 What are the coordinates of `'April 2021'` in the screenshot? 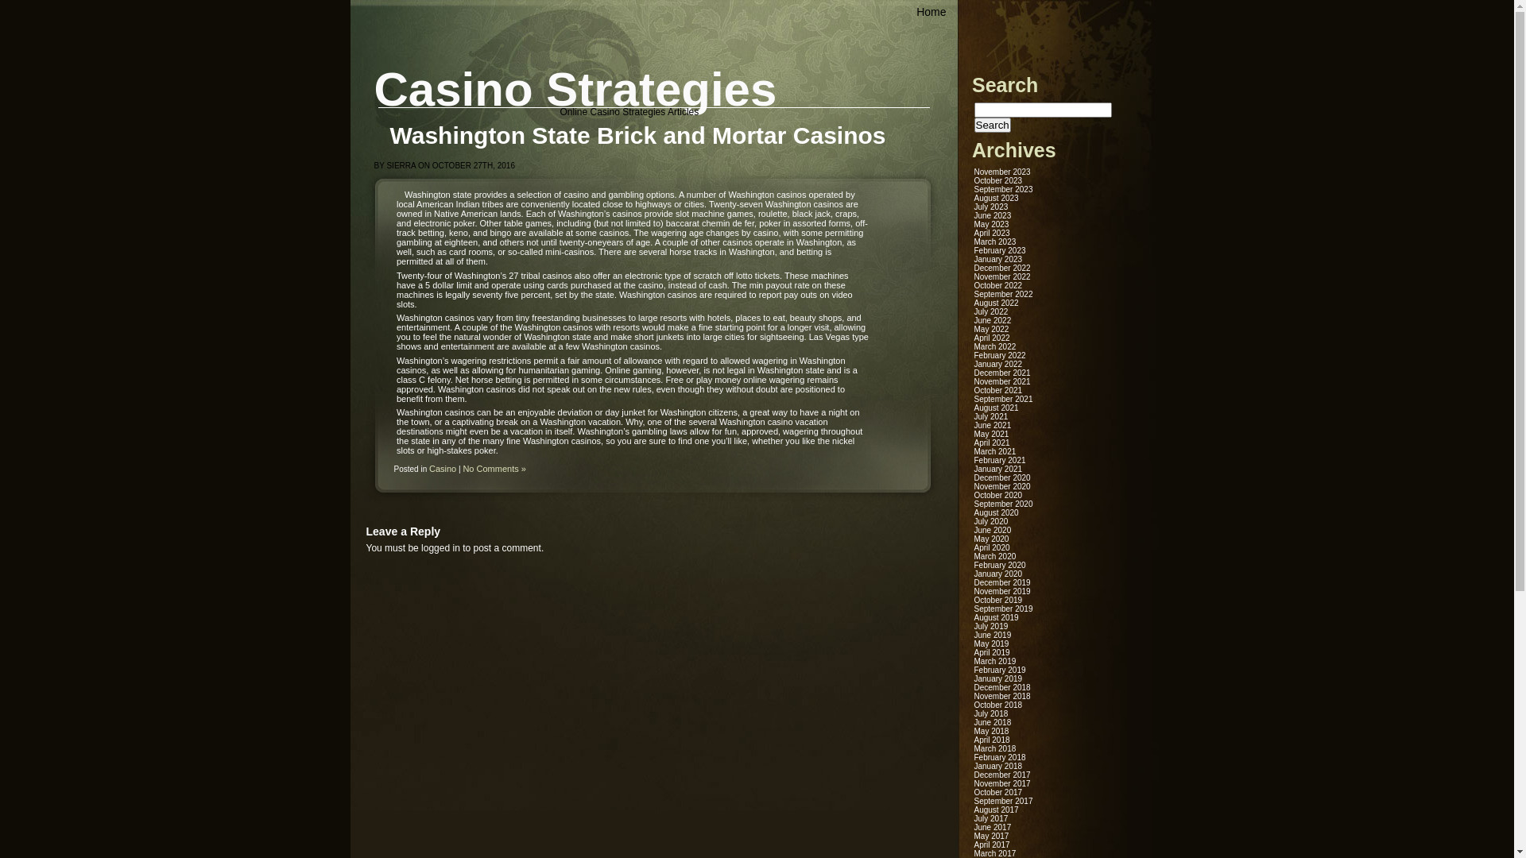 It's located at (991, 443).